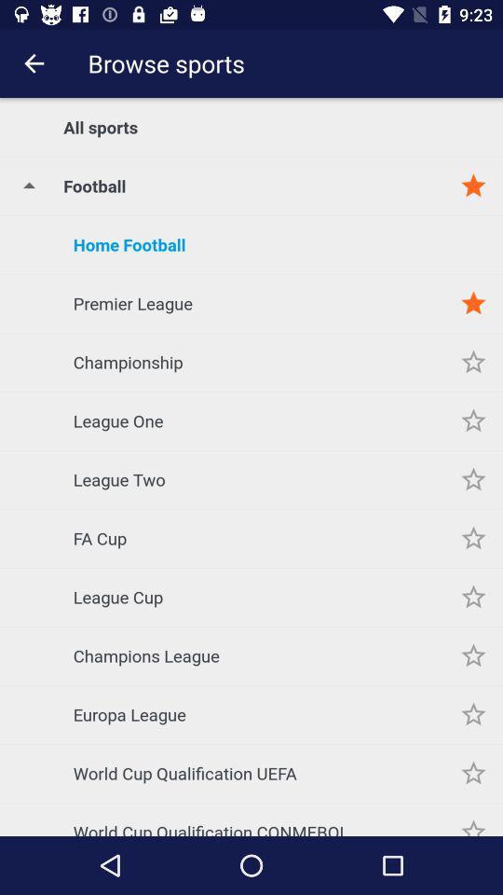 The height and width of the screenshot is (895, 503). I want to click on as favorites option, so click(473, 420).